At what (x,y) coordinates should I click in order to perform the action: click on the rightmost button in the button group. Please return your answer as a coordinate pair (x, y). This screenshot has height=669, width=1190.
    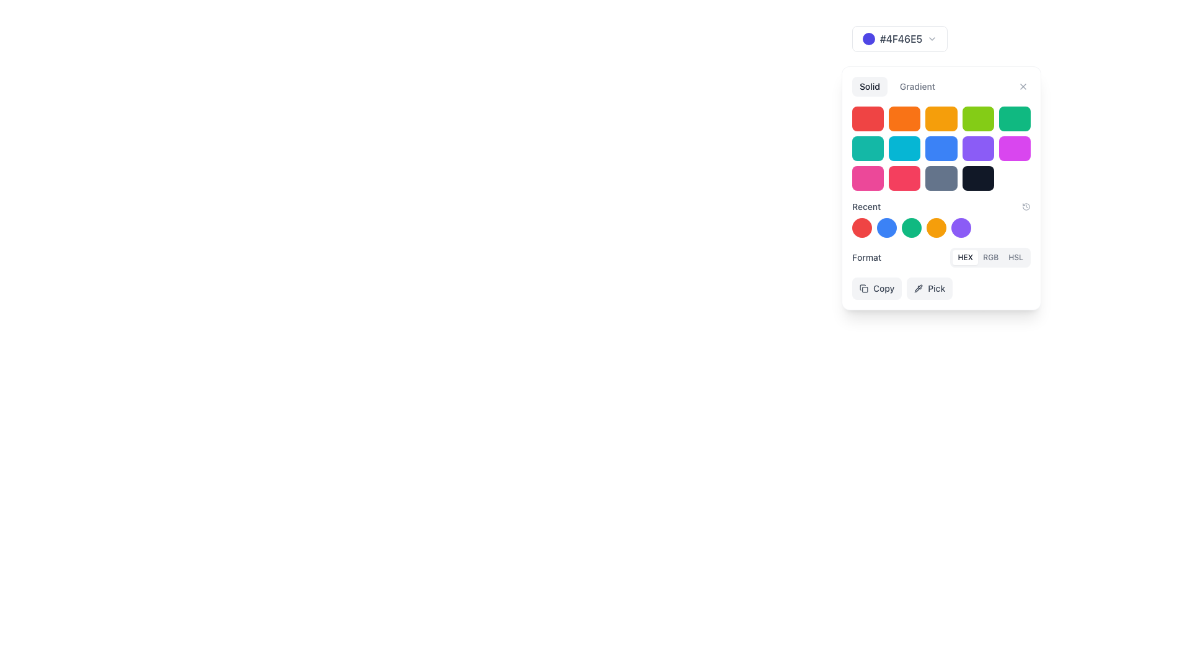
    Looking at the image, I should click on (917, 85).